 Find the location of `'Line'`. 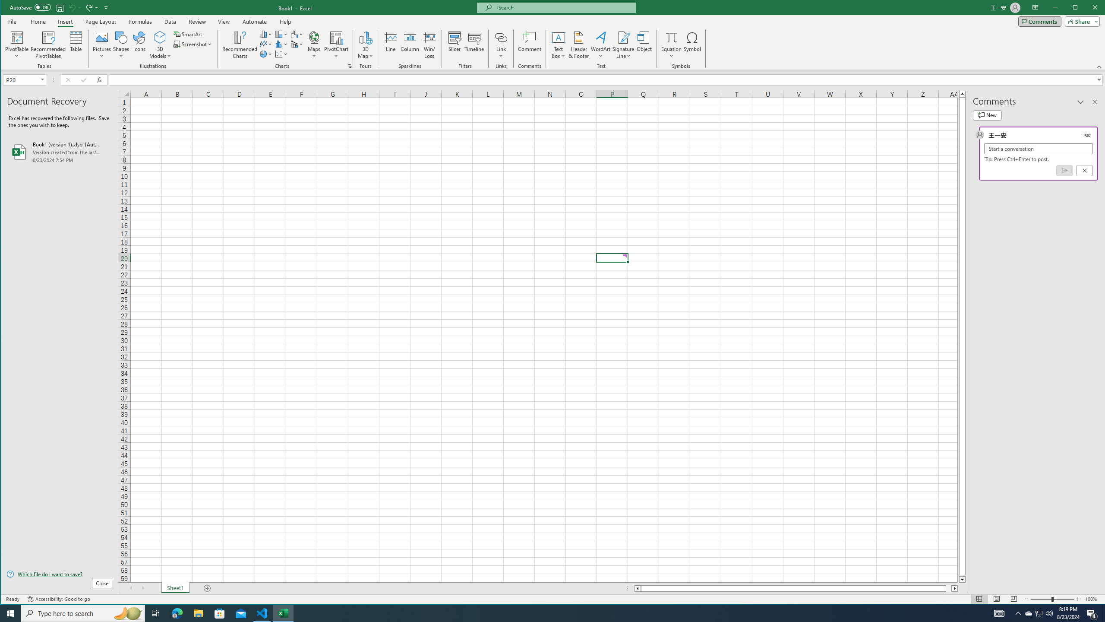

'Line' is located at coordinates (390, 44).